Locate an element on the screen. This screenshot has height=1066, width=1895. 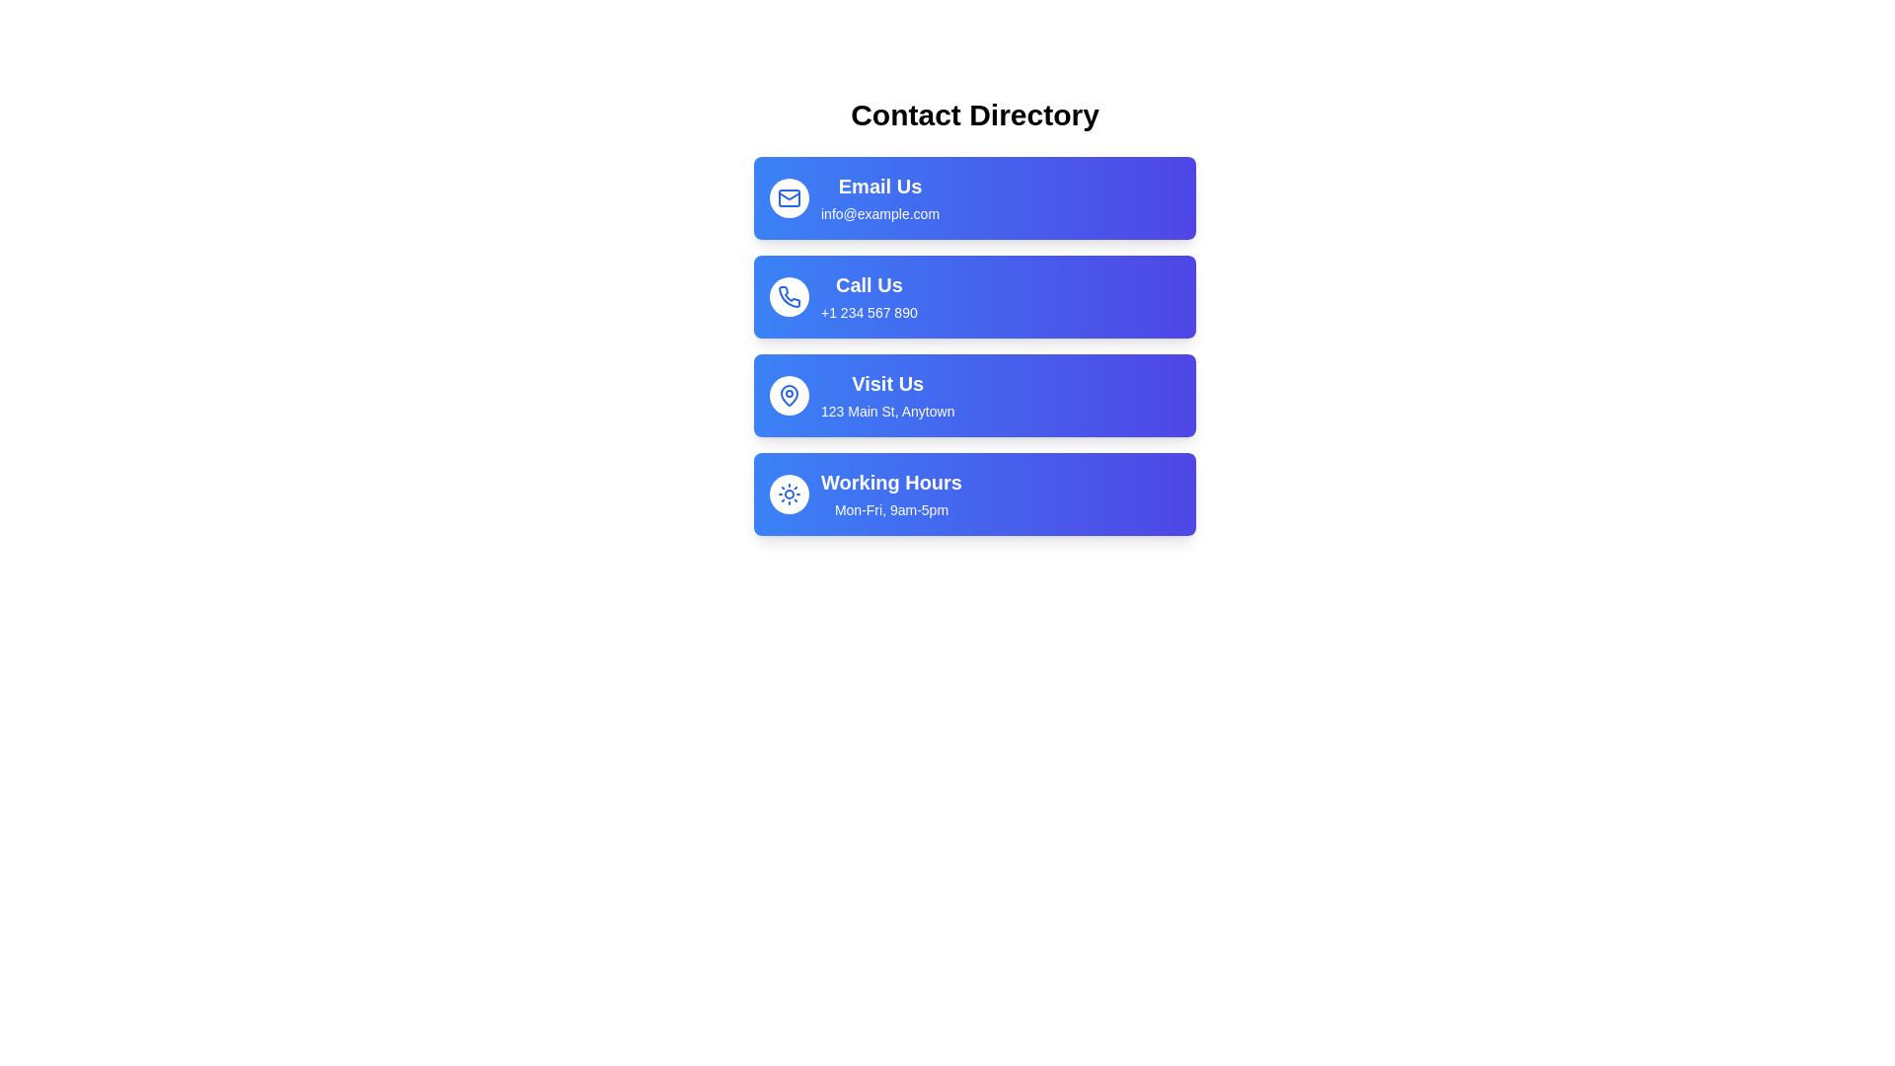
address information from the informational text element that displays 'Visit Us' and '123 Main St, Anytown.' is located at coordinates (886, 396).